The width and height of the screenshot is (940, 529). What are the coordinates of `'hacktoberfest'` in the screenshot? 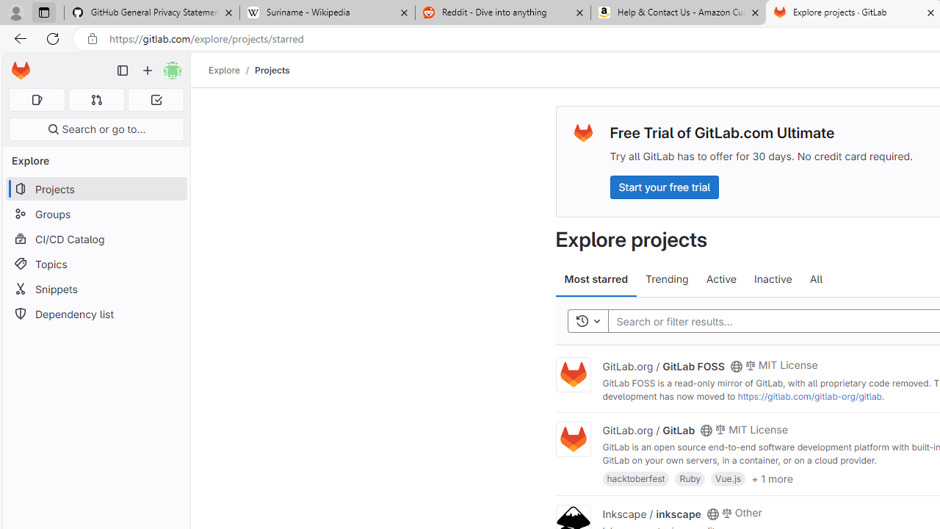 It's located at (636, 478).